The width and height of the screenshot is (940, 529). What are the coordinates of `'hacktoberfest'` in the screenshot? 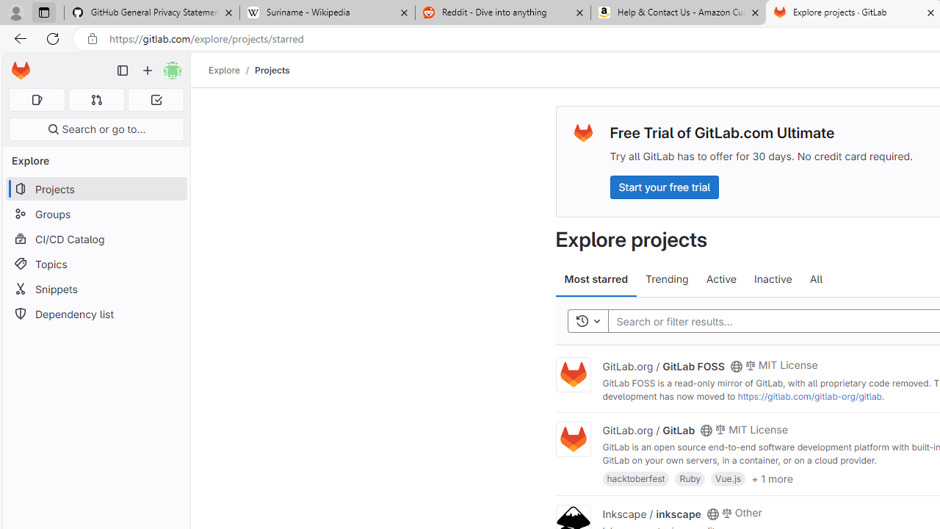 It's located at (636, 478).